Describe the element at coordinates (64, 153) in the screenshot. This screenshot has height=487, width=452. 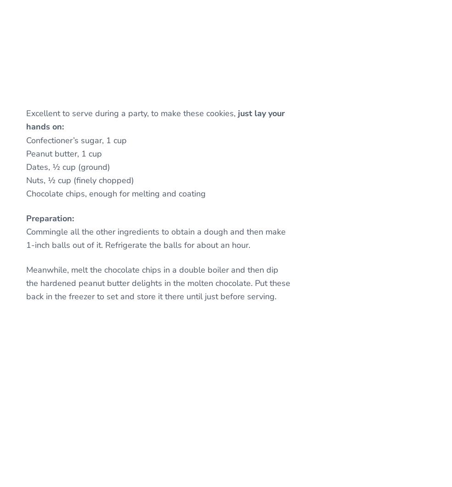
I see `'Peanut butter, 1 cup'` at that location.